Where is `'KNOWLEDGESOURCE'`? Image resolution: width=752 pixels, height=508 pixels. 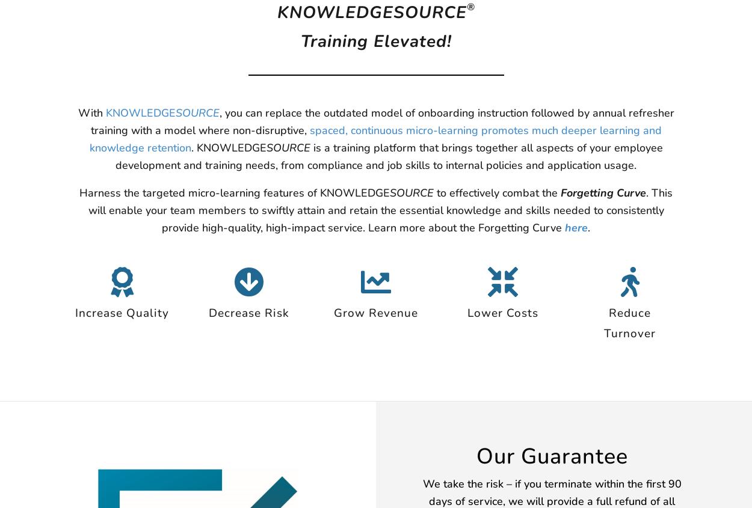 'KNOWLEDGESOURCE' is located at coordinates (371, 12).